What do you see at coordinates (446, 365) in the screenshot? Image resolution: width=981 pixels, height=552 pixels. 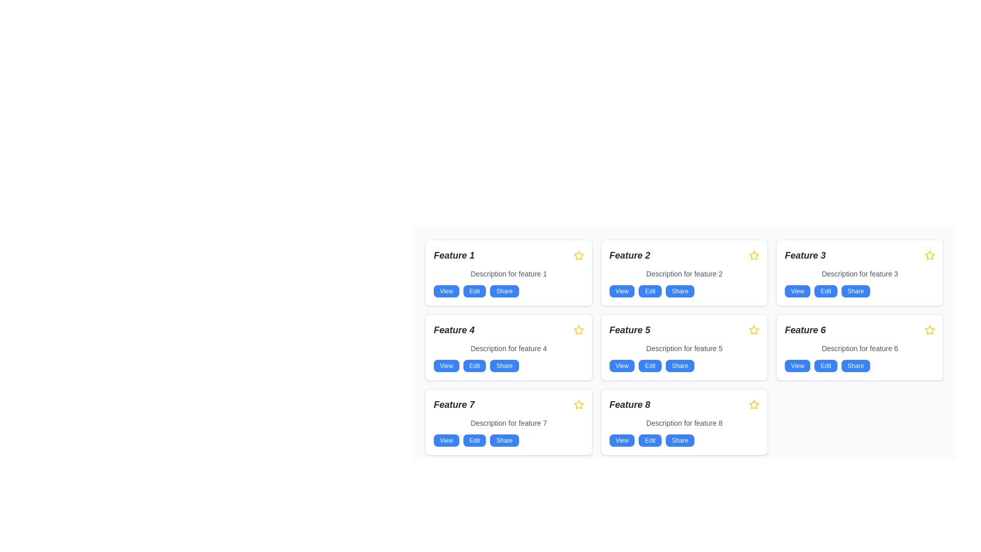 I see `the 'View' button located on the 'Feature 4' card in the second column of the second row, which is the first button in a row of three buttons labeled 'View,' 'Edit,' and 'Share.'` at bounding box center [446, 365].